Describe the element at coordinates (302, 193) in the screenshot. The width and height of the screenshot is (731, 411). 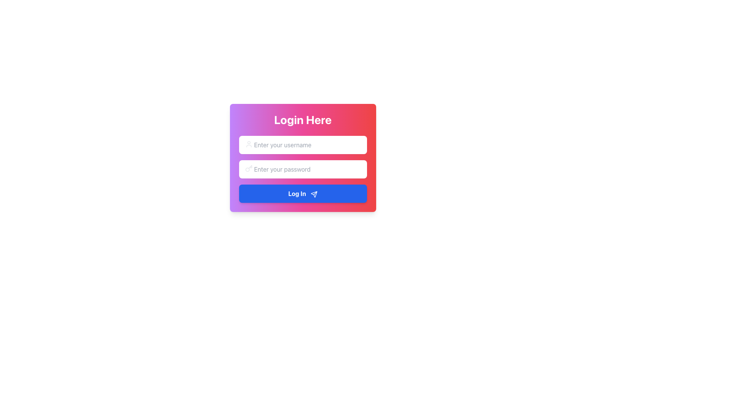
I see `the submit button located at the bottom of the login form` at that location.